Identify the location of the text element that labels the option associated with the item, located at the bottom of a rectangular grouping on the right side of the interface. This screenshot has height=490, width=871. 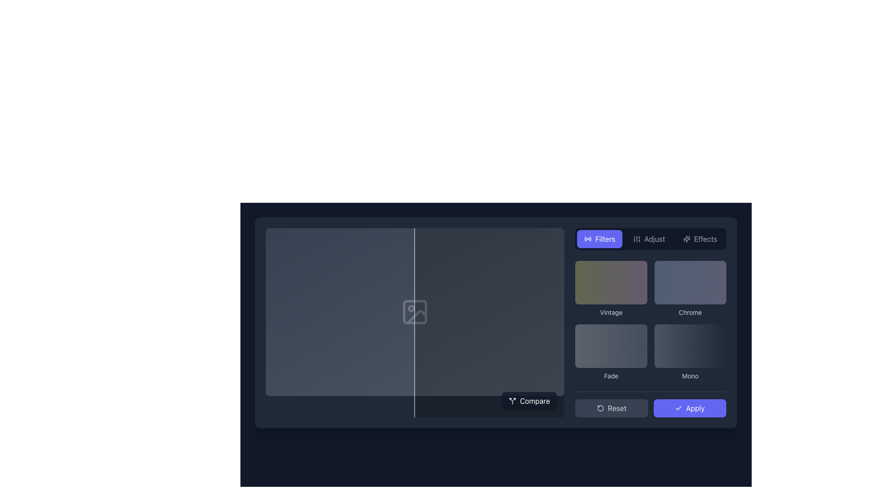
(690, 312).